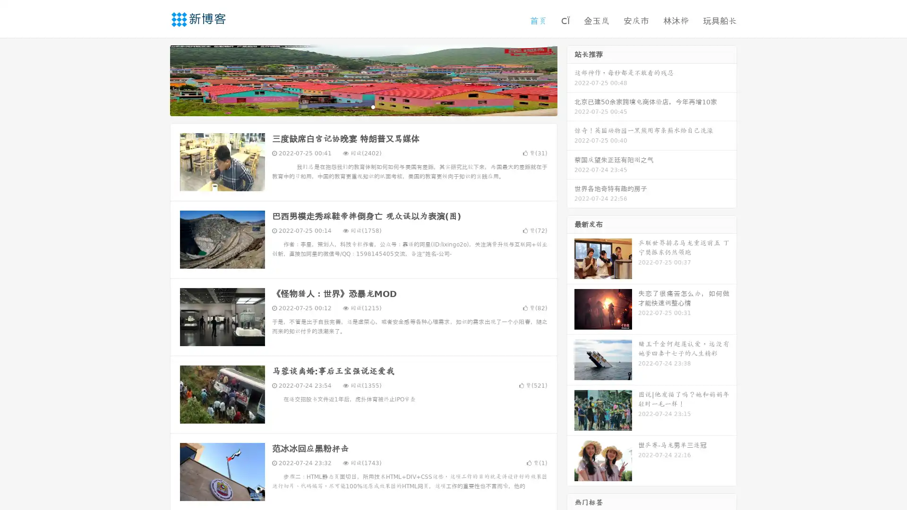  Describe the element at coordinates (373, 106) in the screenshot. I see `Go to slide 3` at that location.